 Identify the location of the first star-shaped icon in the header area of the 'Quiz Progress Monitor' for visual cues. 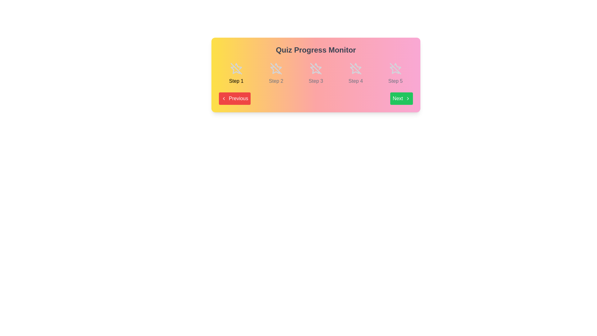
(235, 70).